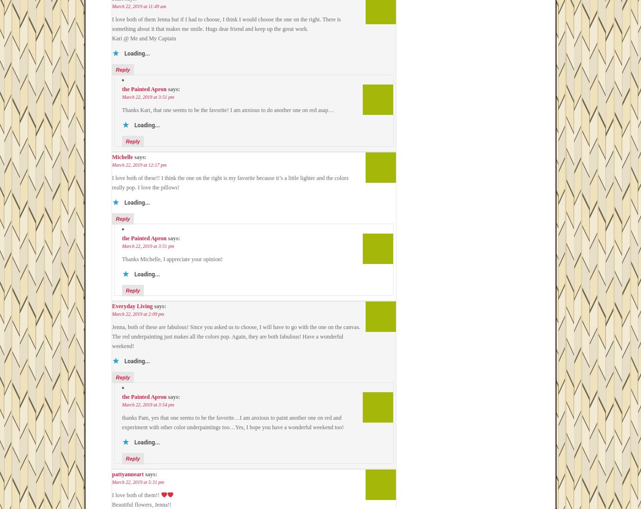  I want to click on 'March 22, 2019 at 3:54 pm', so click(147, 404).